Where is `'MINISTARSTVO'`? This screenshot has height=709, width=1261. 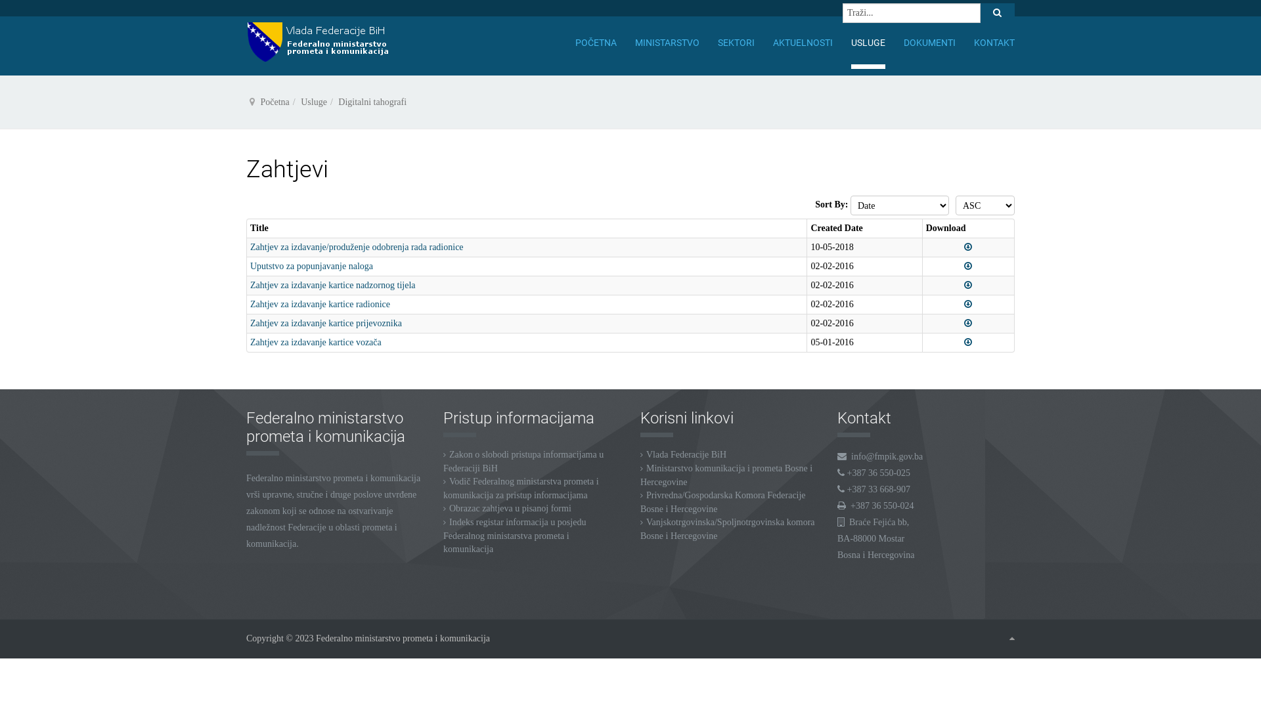
'MINISTARSTVO' is located at coordinates (667, 42).